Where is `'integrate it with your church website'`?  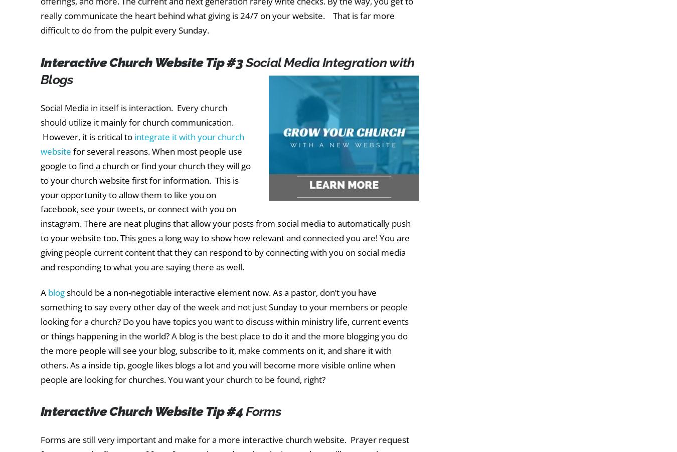
'integrate it with your church website' is located at coordinates (142, 143).